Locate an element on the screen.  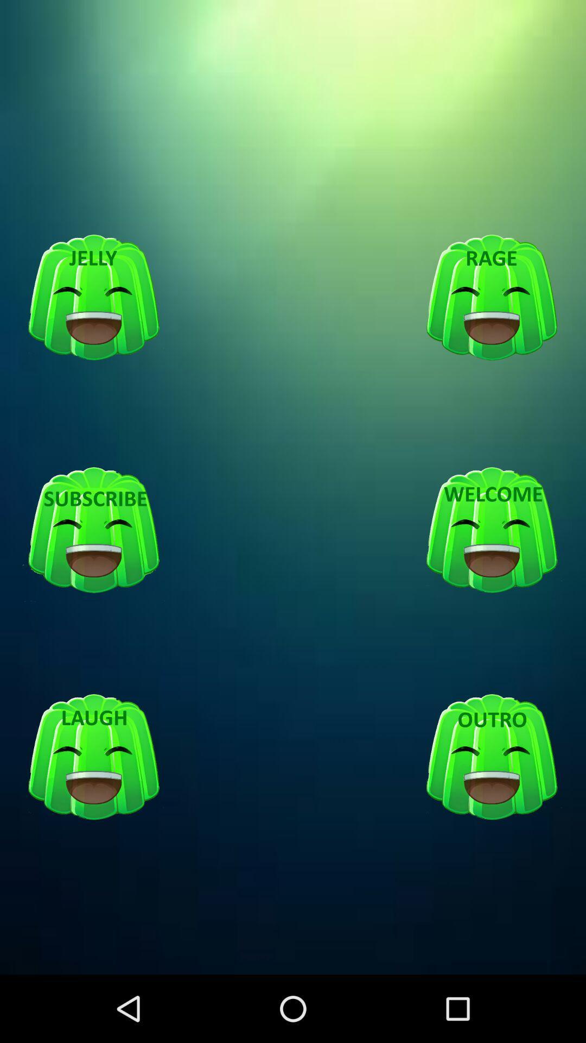
laugh is located at coordinates (93, 757).